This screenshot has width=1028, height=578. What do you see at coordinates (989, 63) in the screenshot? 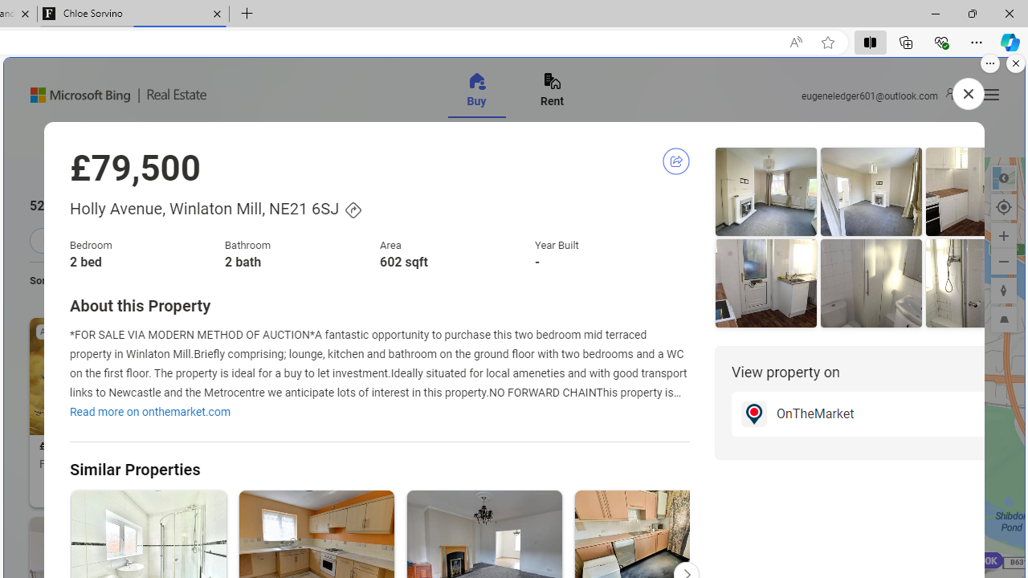
I see `'More options.'` at bounding box center [989, 63].